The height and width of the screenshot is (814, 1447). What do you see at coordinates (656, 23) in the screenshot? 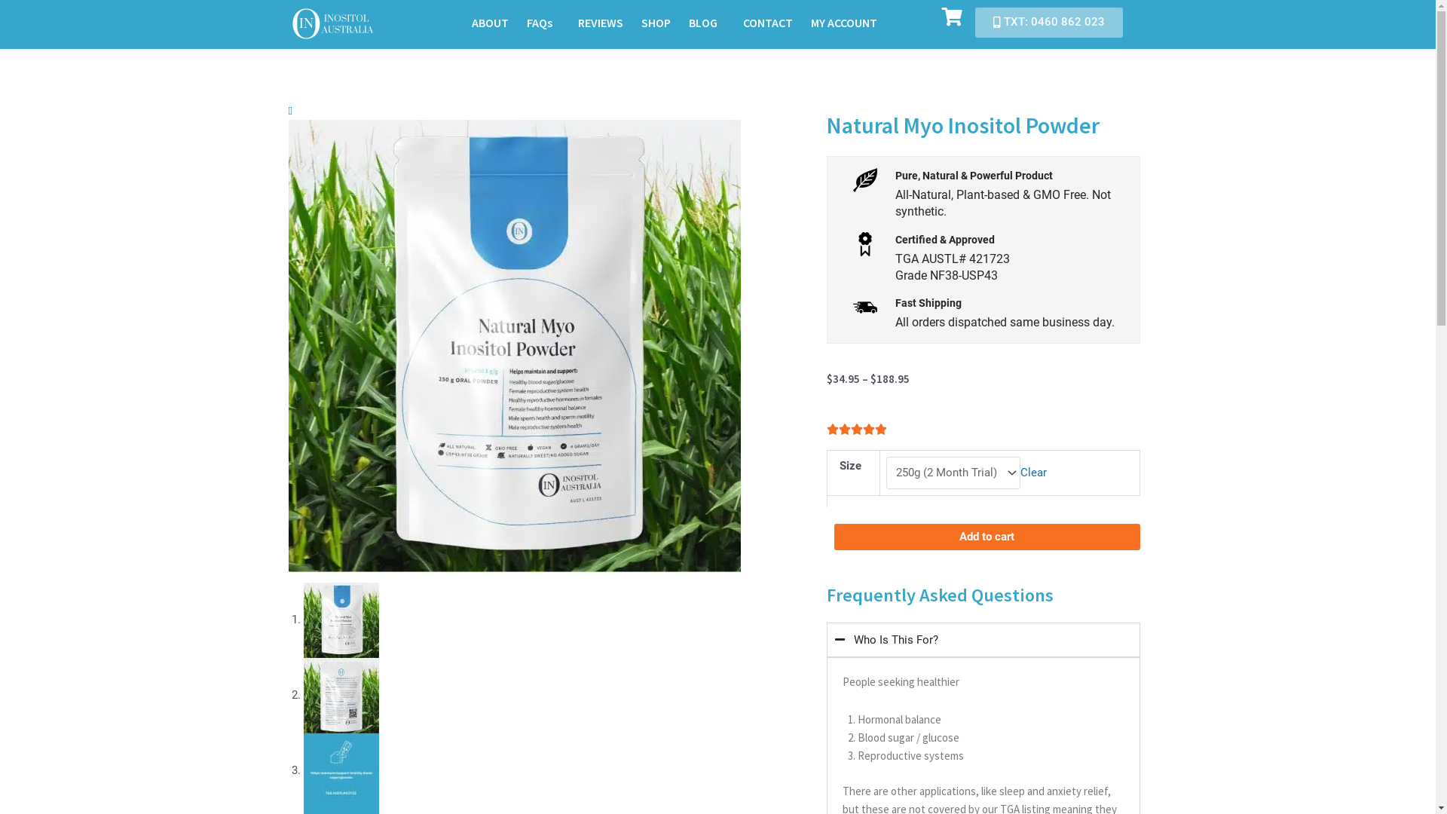
I see `'SHOP'` at bounding box center [656, 23].